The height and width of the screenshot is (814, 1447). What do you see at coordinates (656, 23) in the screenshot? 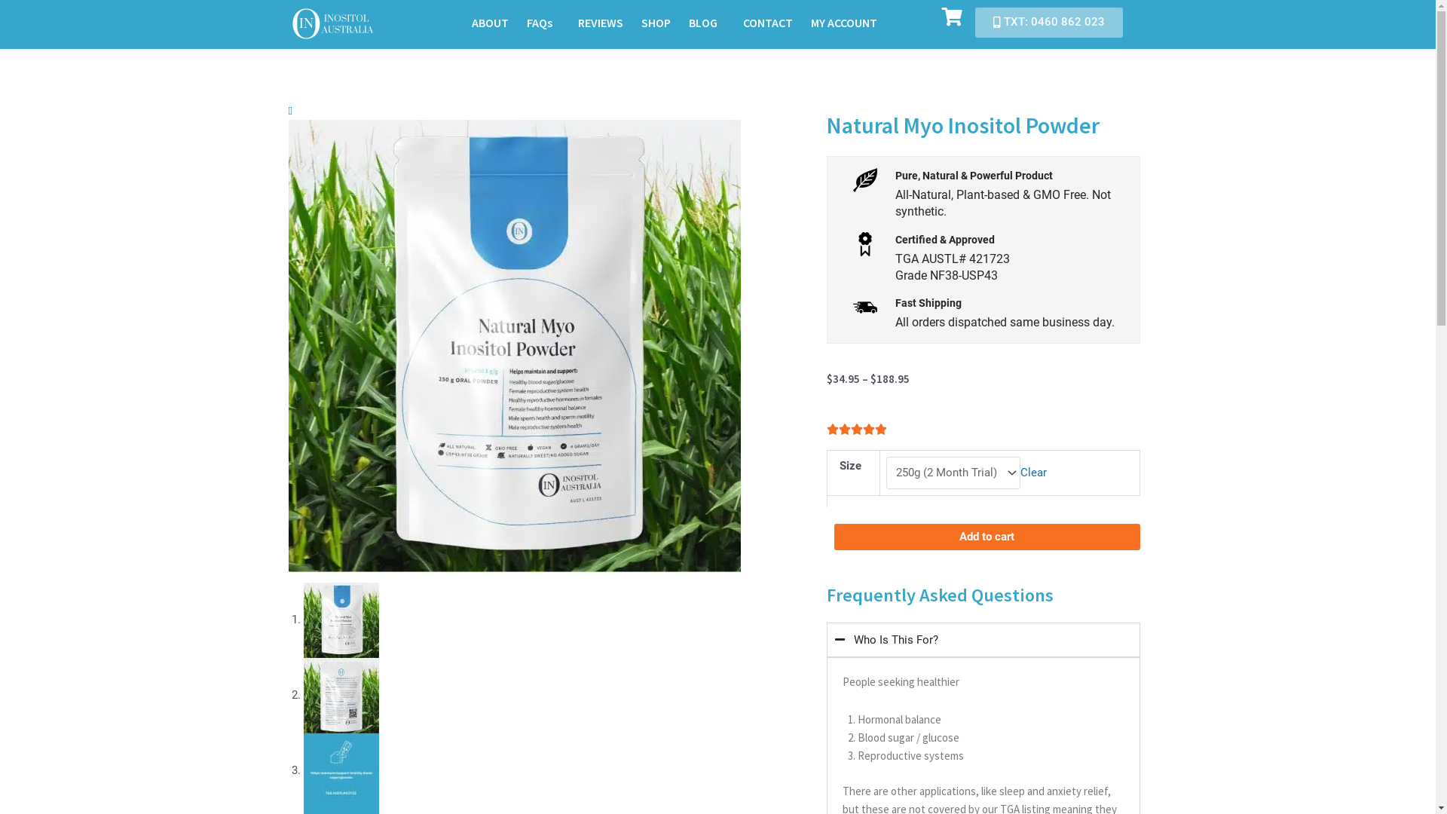
I see `'SHOP'` at bounding box center [656, 23].